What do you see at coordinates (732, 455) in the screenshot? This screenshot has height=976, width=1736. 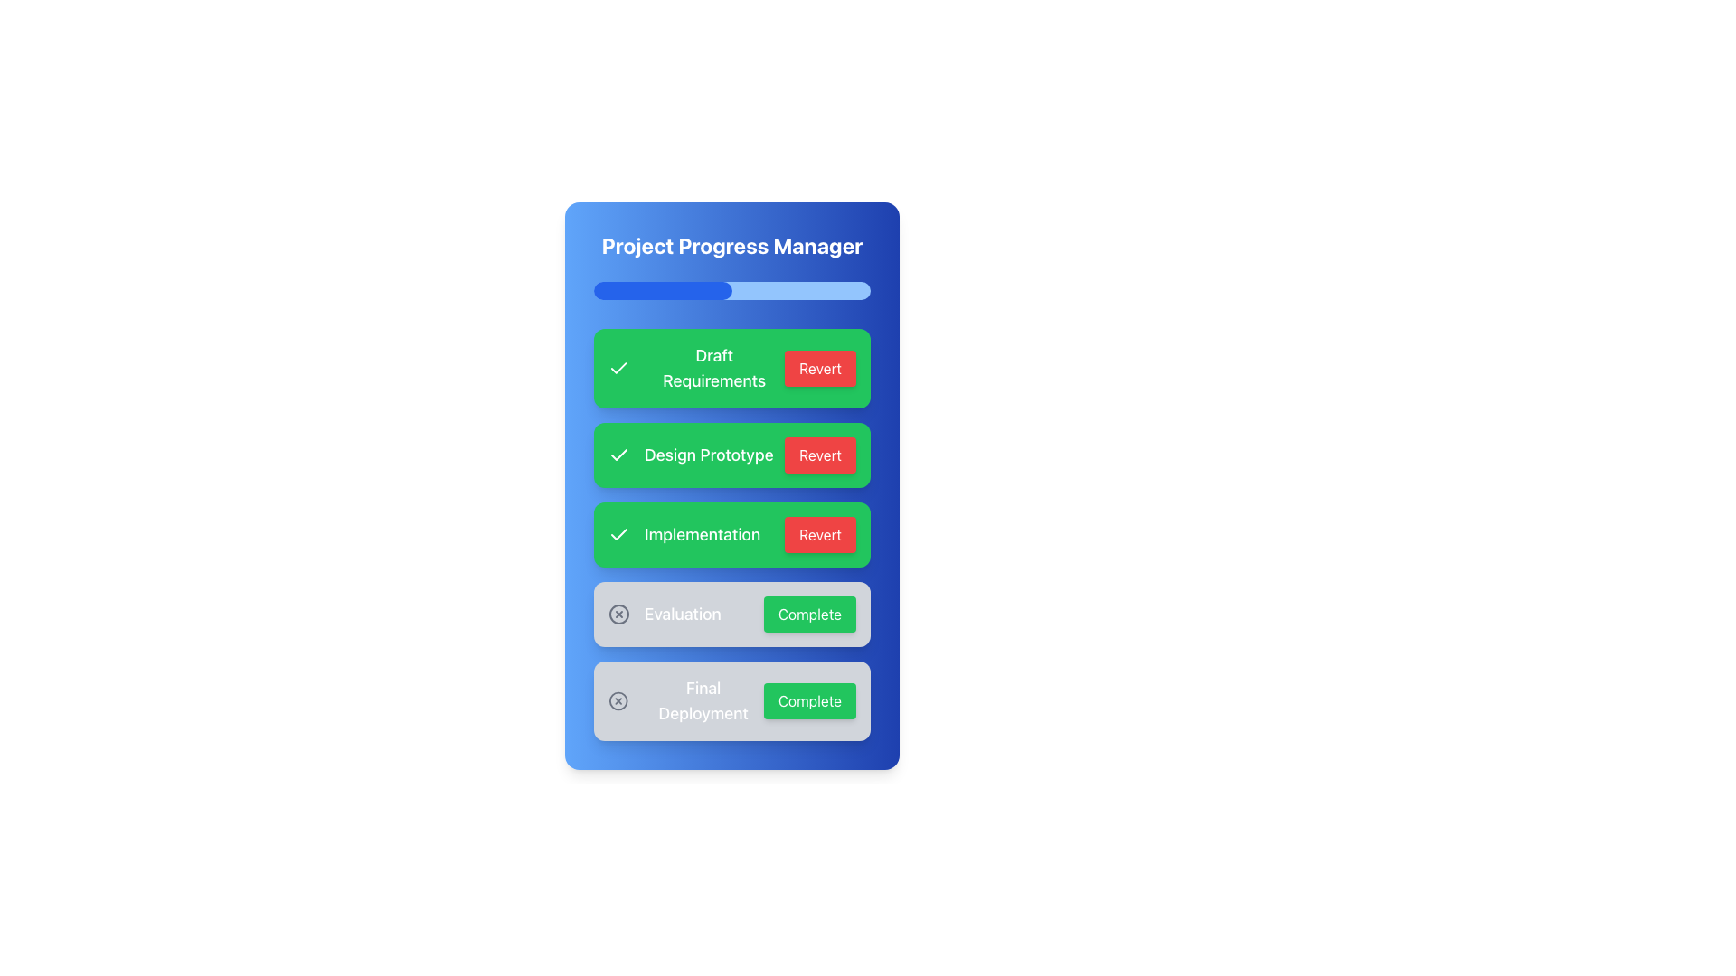 I see `the 'Design Prototype' progress step card located in the Project Progress Manager` at bounding box center [732, 455].